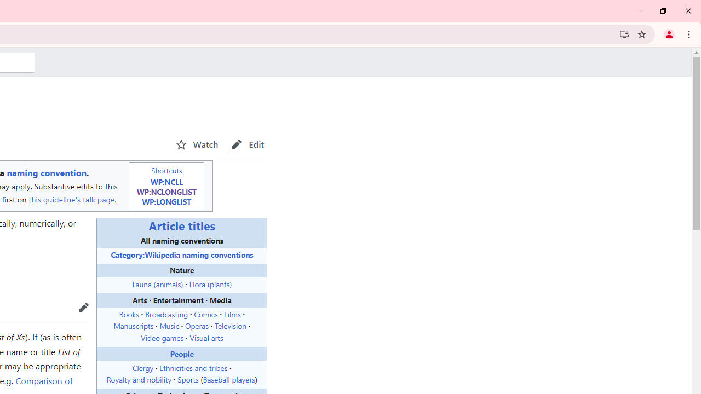 The image size is (701, 394). I want to click on 'Fauna (animals)', so click(157, 283).